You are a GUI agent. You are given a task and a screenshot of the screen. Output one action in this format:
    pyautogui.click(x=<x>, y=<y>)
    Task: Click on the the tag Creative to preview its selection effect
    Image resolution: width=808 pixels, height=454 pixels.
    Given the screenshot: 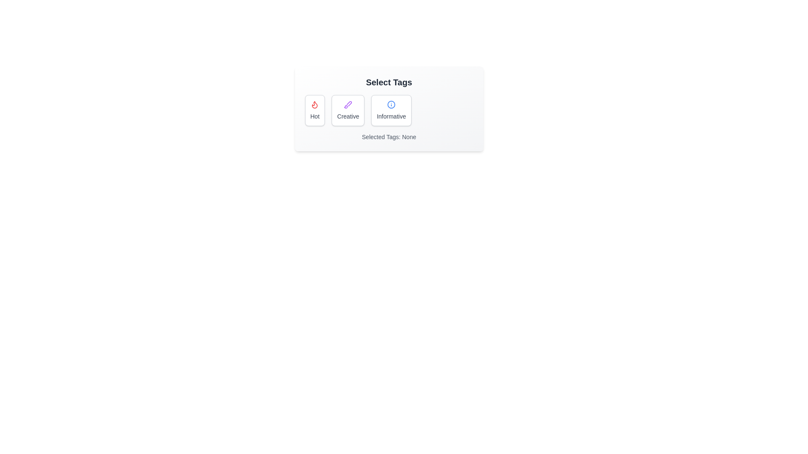 What is the action you would take?
    pyautogui.click(x=348, y=110)
    